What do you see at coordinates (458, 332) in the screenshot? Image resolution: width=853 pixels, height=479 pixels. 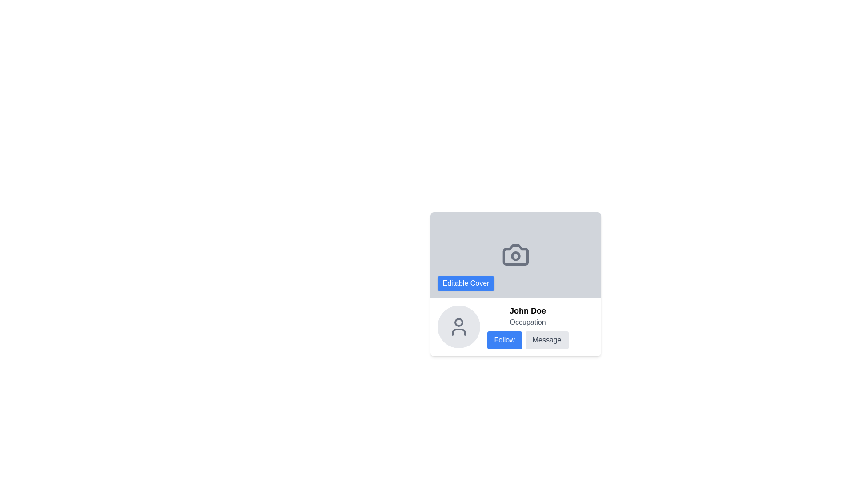 I see `the graphical icon within the circular button located to the left of the profile information area, near the 'John Doe' label` at bounding box center [458, 332].